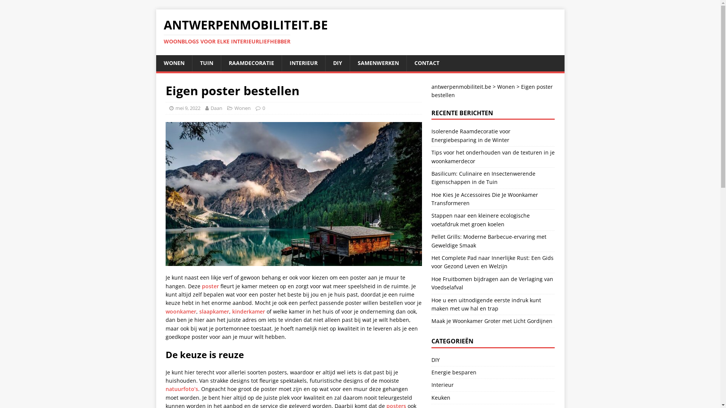  I want to click on 'antwerpenmobiliteit.be', so click(461, 86).